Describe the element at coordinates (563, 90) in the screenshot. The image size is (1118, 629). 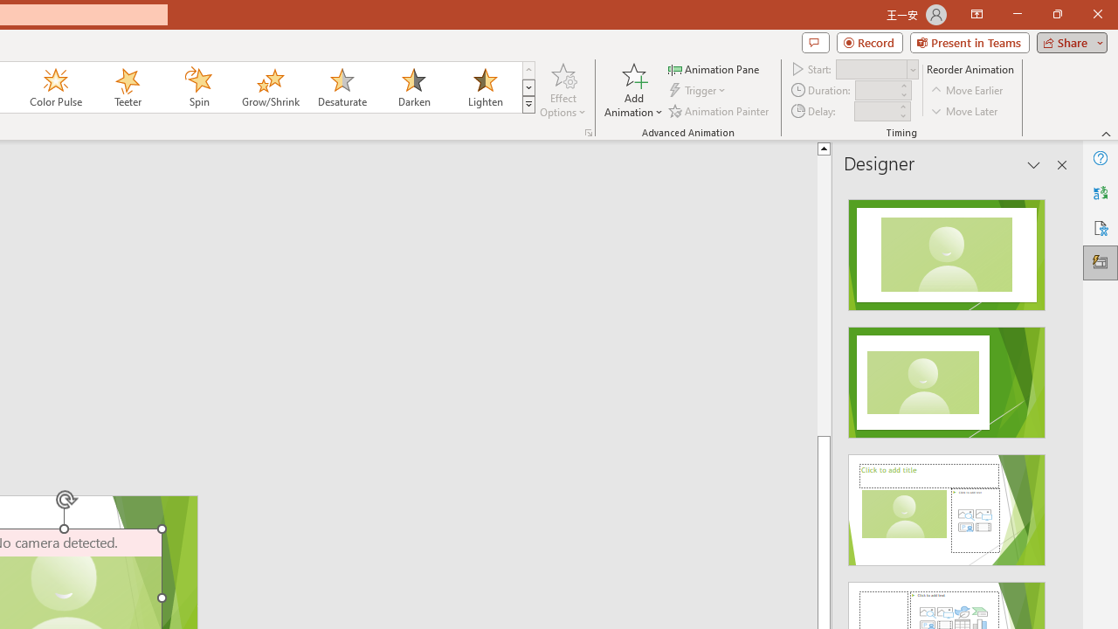
I see `'Effect Options'` at that location.